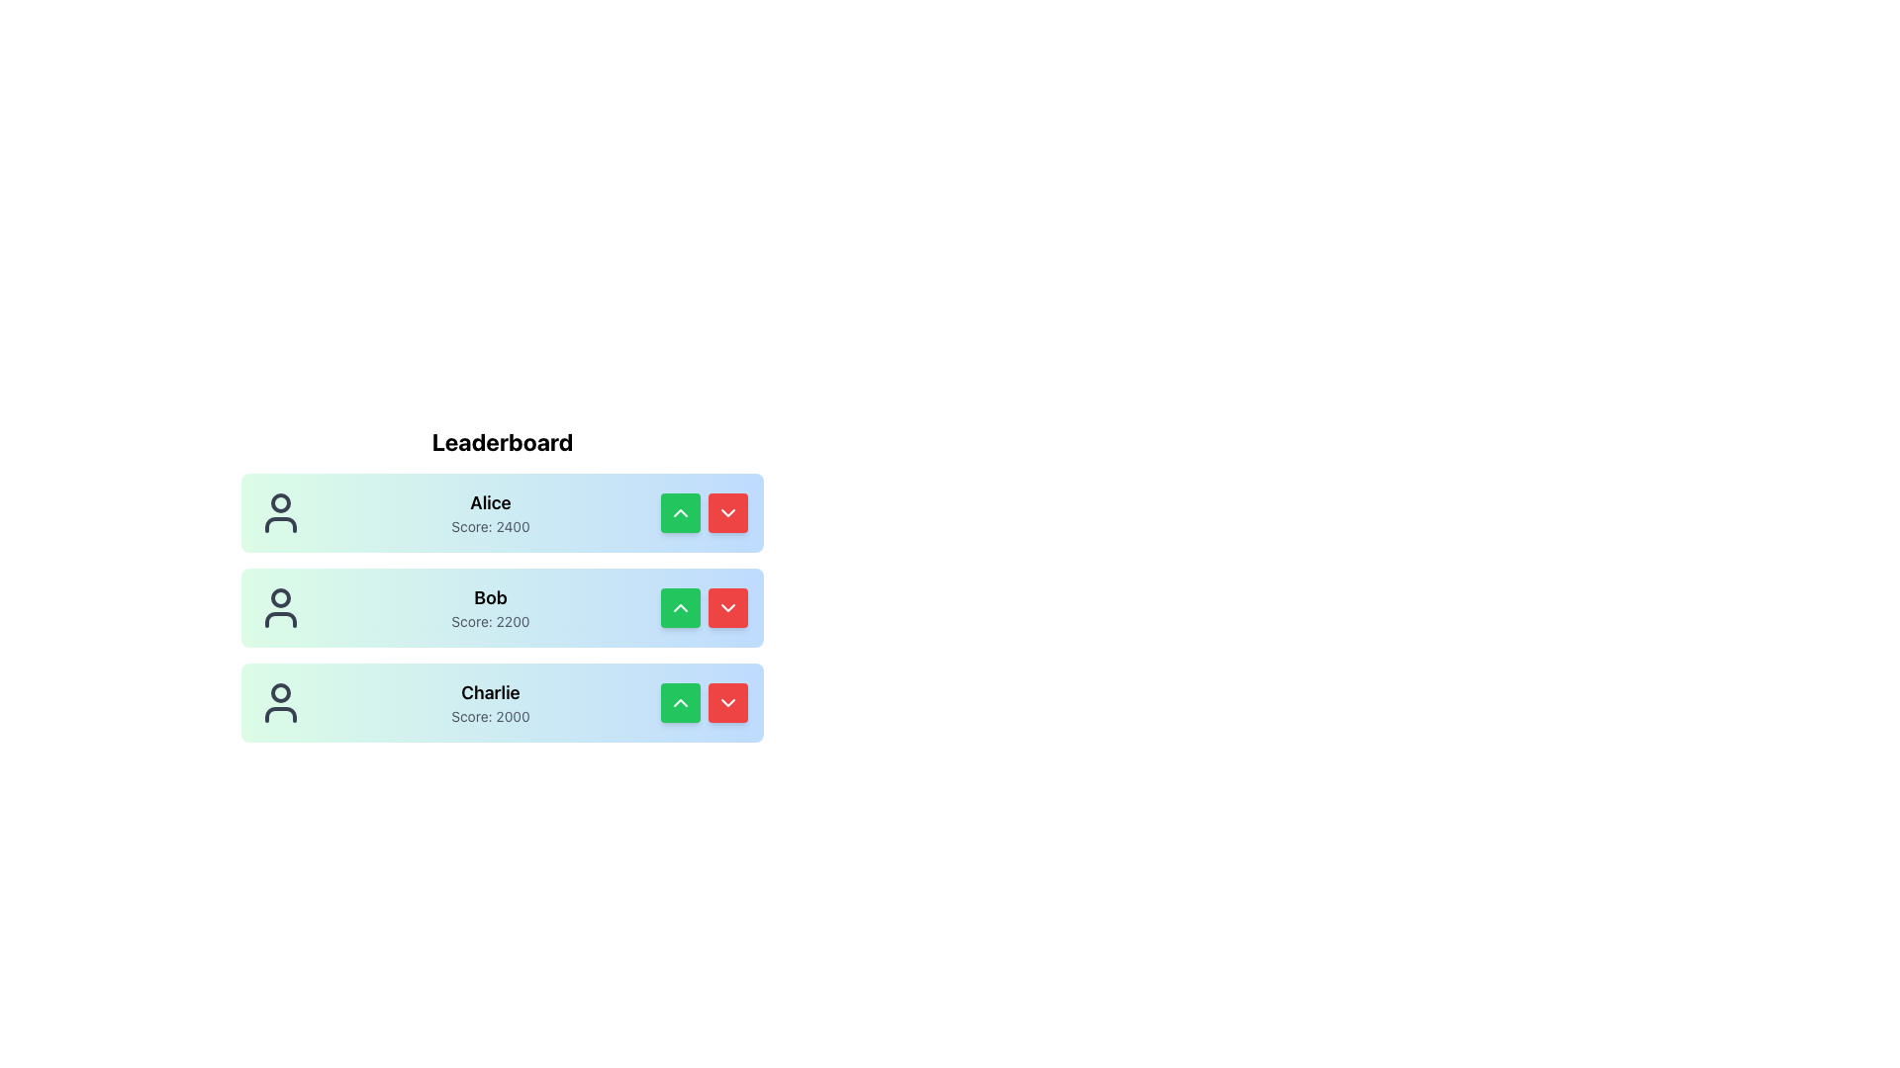 The image size is (1900, 1068). I want to click on the green rectangular button with a white upward-pointing chevron icon located in the bottom-right corner of Charlie's details card, so click(680, 701).